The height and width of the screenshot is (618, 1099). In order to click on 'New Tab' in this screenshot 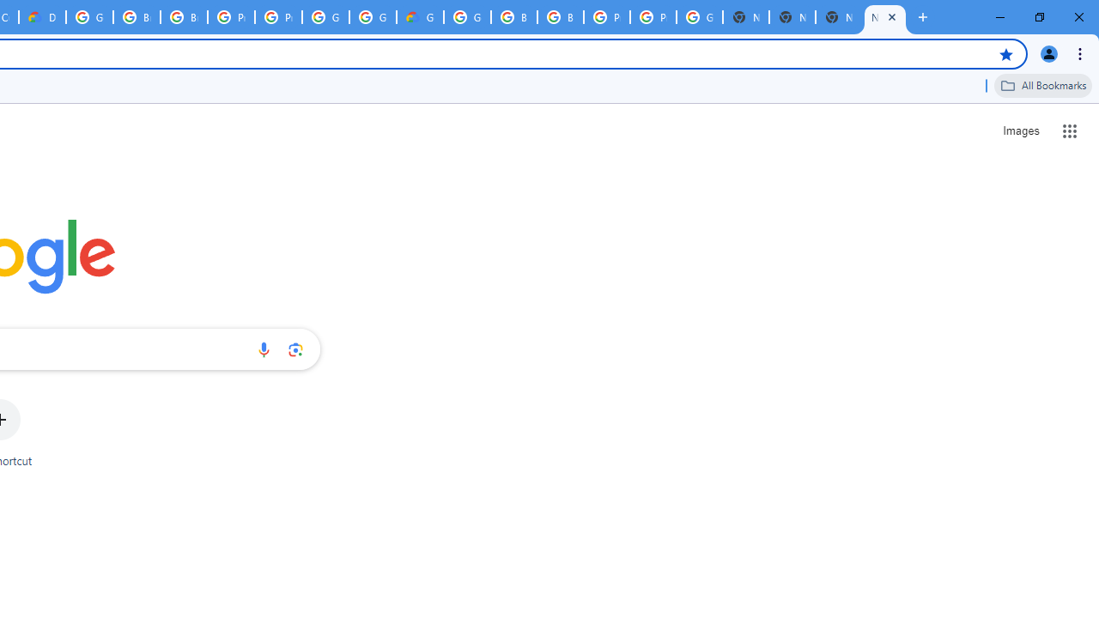, I will do `click(885, 17)`.